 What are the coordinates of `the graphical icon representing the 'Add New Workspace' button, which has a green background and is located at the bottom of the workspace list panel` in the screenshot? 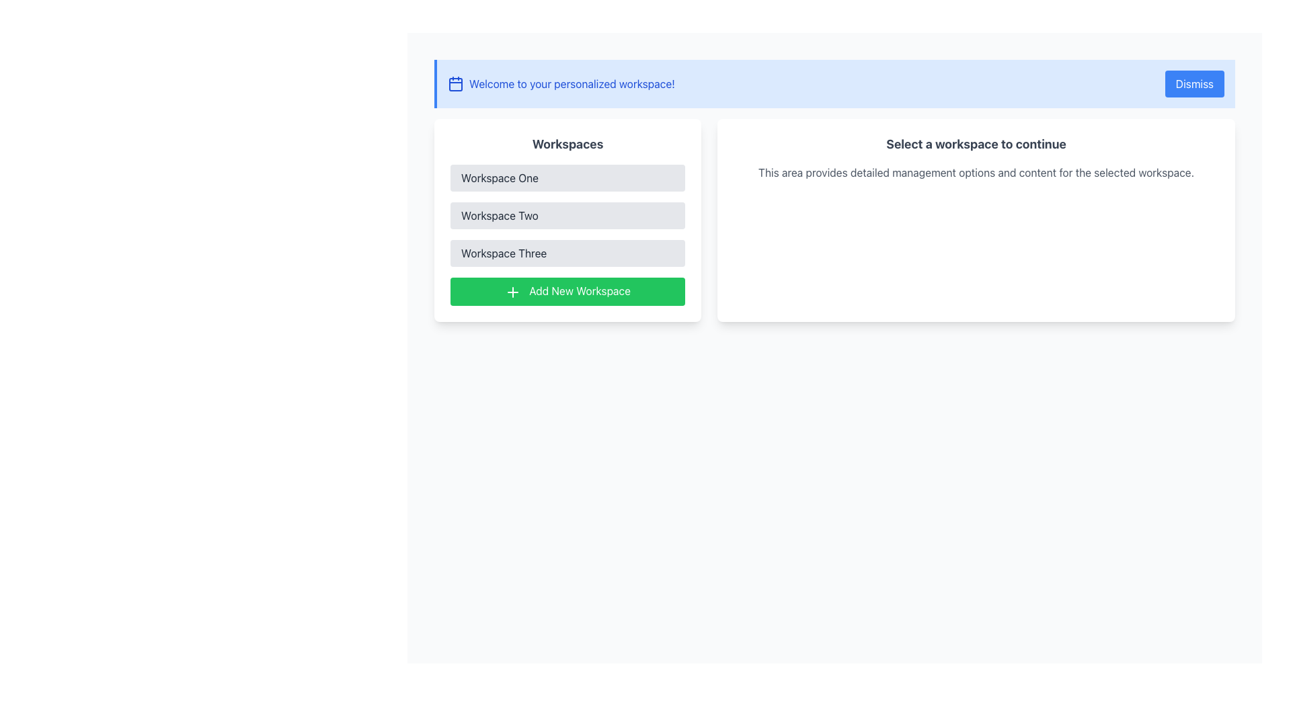 It's located at (512, 291).